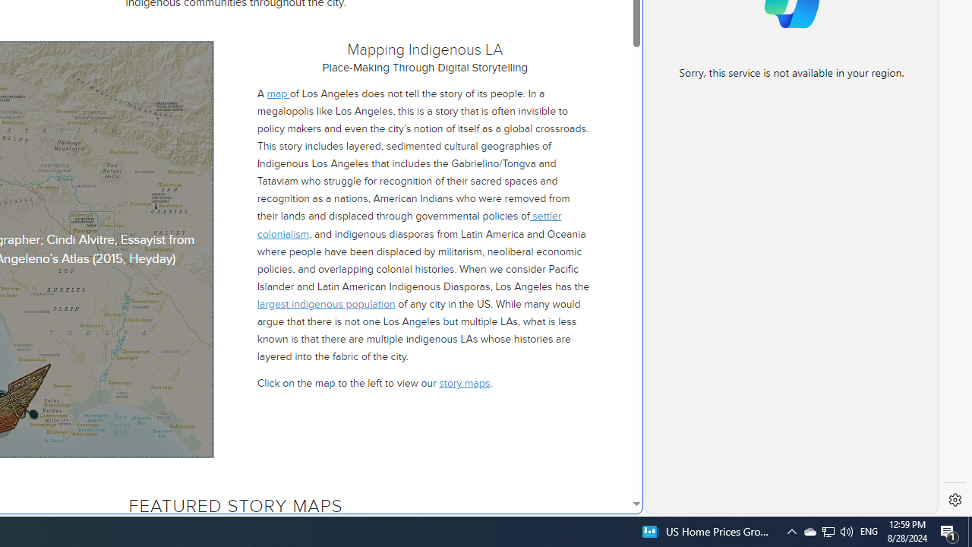 This screenshot has width=972, height=547. Describe the element at coordinates (409, 225) in the screenshot. I see `' settler colonialism'` at that location.